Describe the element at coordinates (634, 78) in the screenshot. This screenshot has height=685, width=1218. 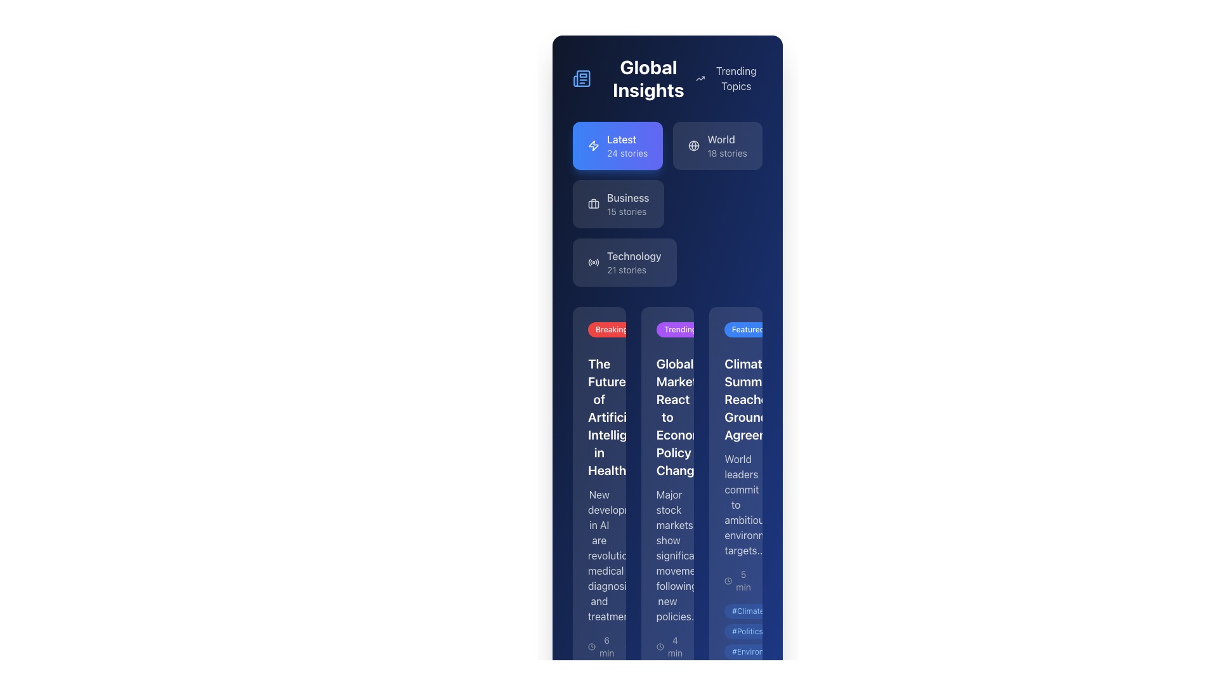
I see `the leftmost heading element that indicates a thematic area of the interface` at that location.